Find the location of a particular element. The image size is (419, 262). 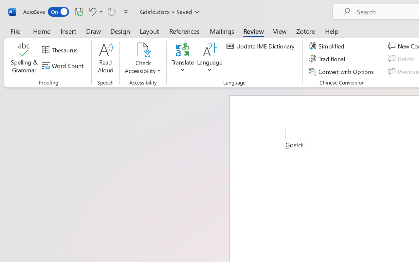

'Read Aloud' is located at coordinates (106, 59).